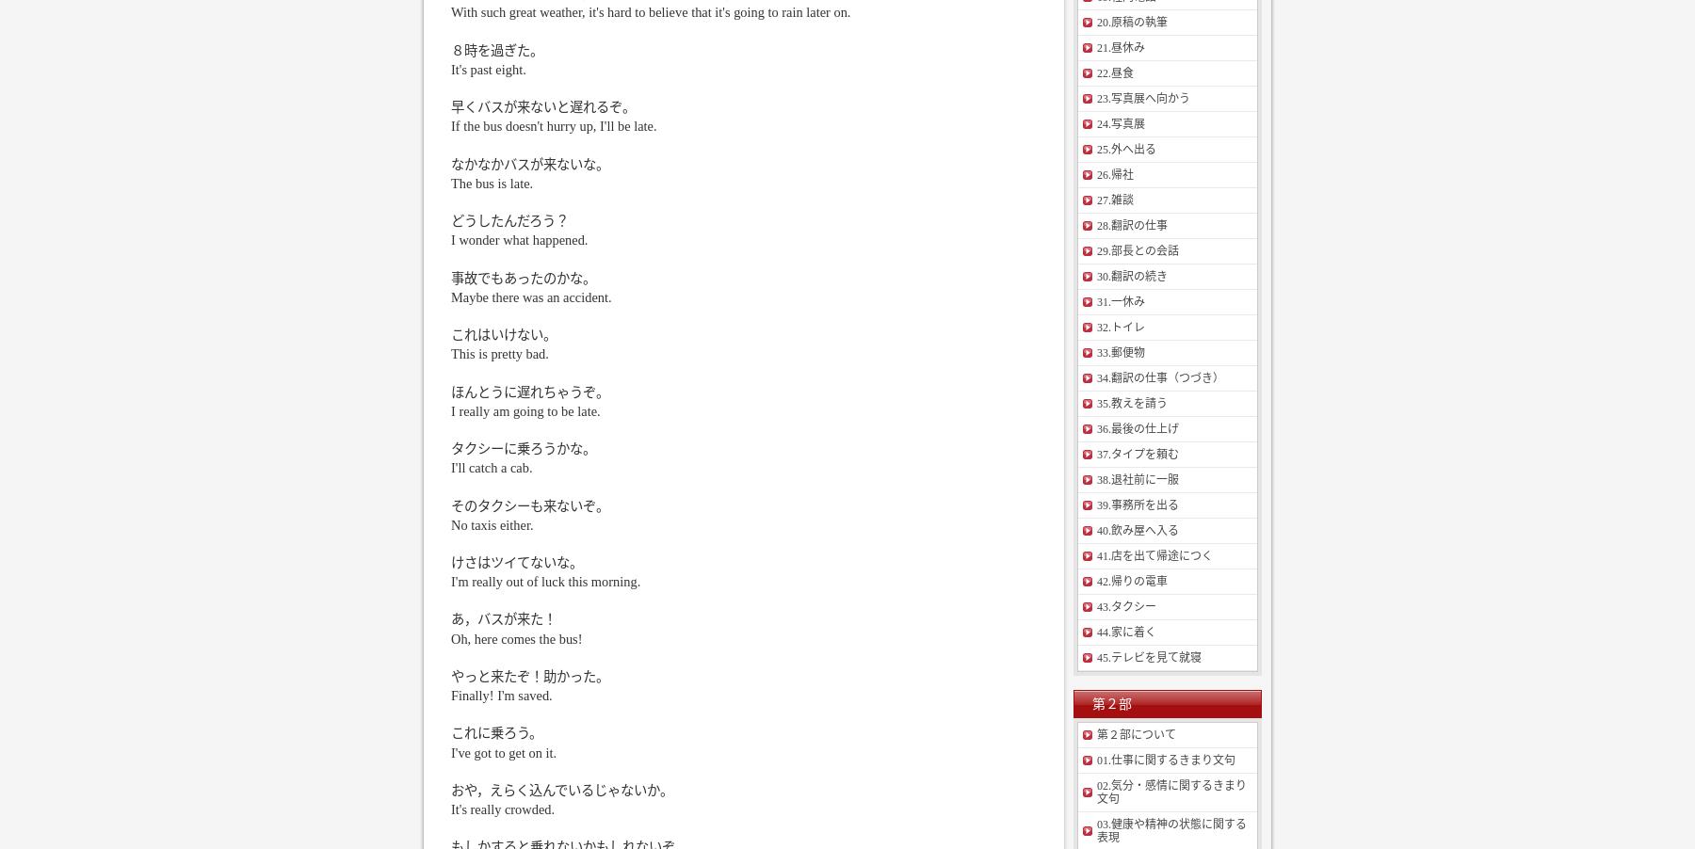 The width and height of the screenshot is (1695, 849). Describe the element at coordinates (1137, 531) in the screenshot. I see `'40.飲み屋へ入る'` at that location.